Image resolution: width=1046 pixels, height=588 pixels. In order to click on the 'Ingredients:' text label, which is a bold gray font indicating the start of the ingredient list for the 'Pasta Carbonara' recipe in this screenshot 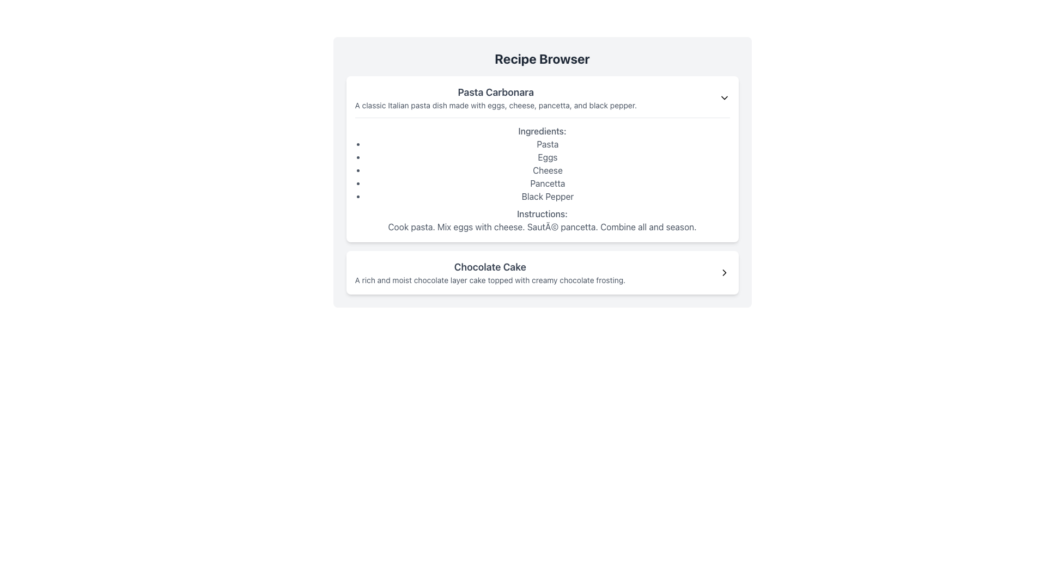, I will do `click(542, 130)`.